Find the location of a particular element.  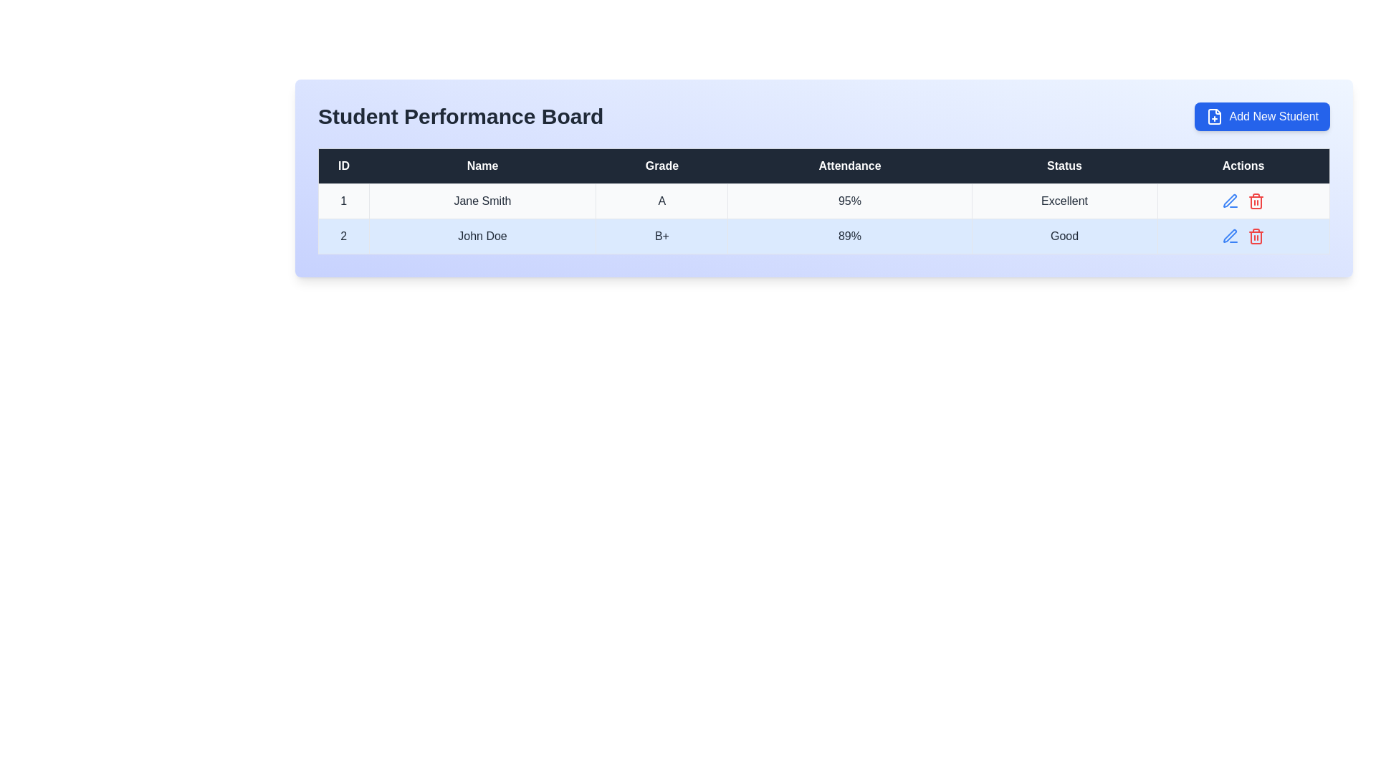

the blue pen icon button located in the second row of the 'Student Performance Board' table to change its color is located at coordinates (1230, 236).